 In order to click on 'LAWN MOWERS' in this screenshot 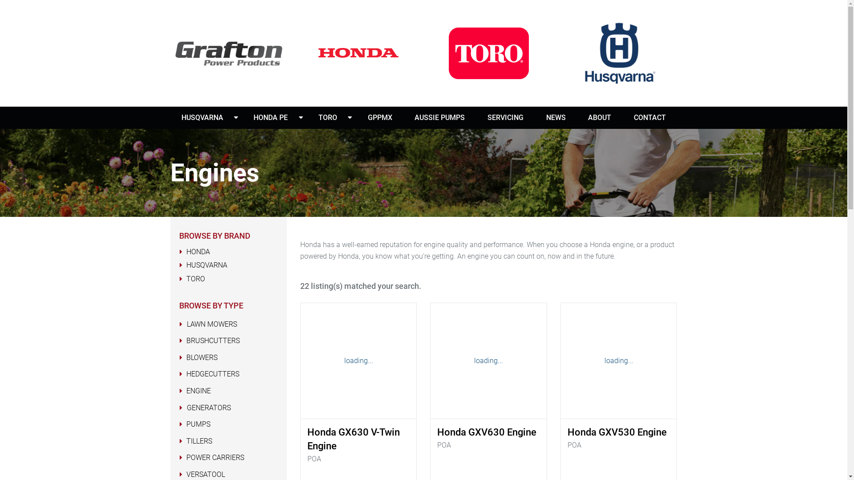, I will do `click(211, 324)`.